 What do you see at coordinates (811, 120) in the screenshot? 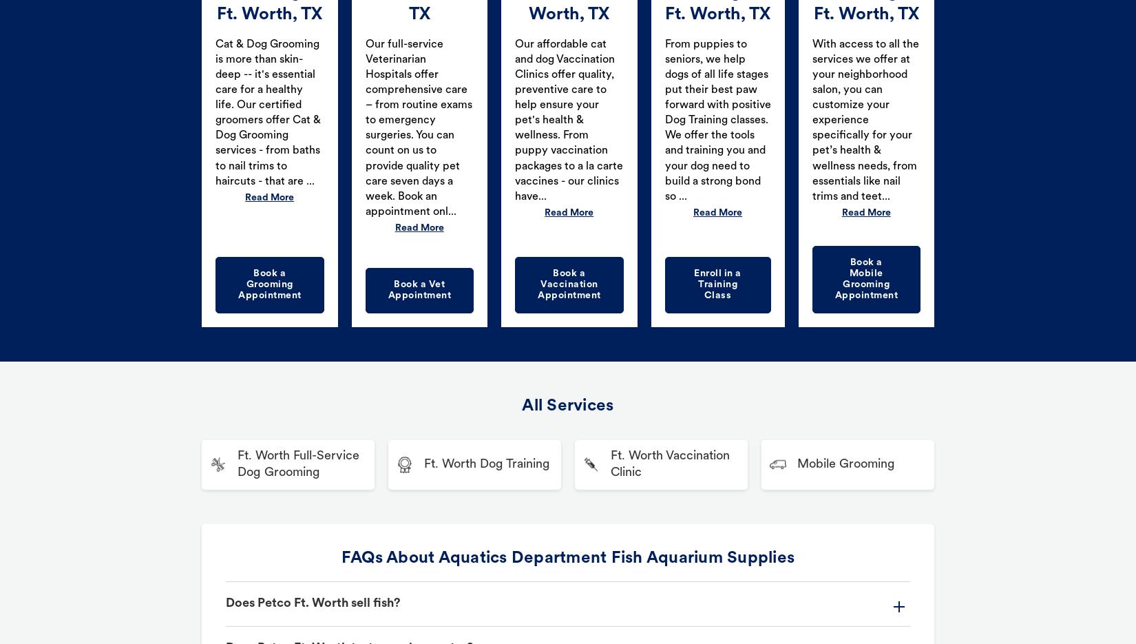
I see `'With access to all the services we offer at your neighborhood salon, you can customize your experience specifically for your pet’s health & wellness needs, from essentials like nail trims and teet...'` at bounding box center [811, 120].